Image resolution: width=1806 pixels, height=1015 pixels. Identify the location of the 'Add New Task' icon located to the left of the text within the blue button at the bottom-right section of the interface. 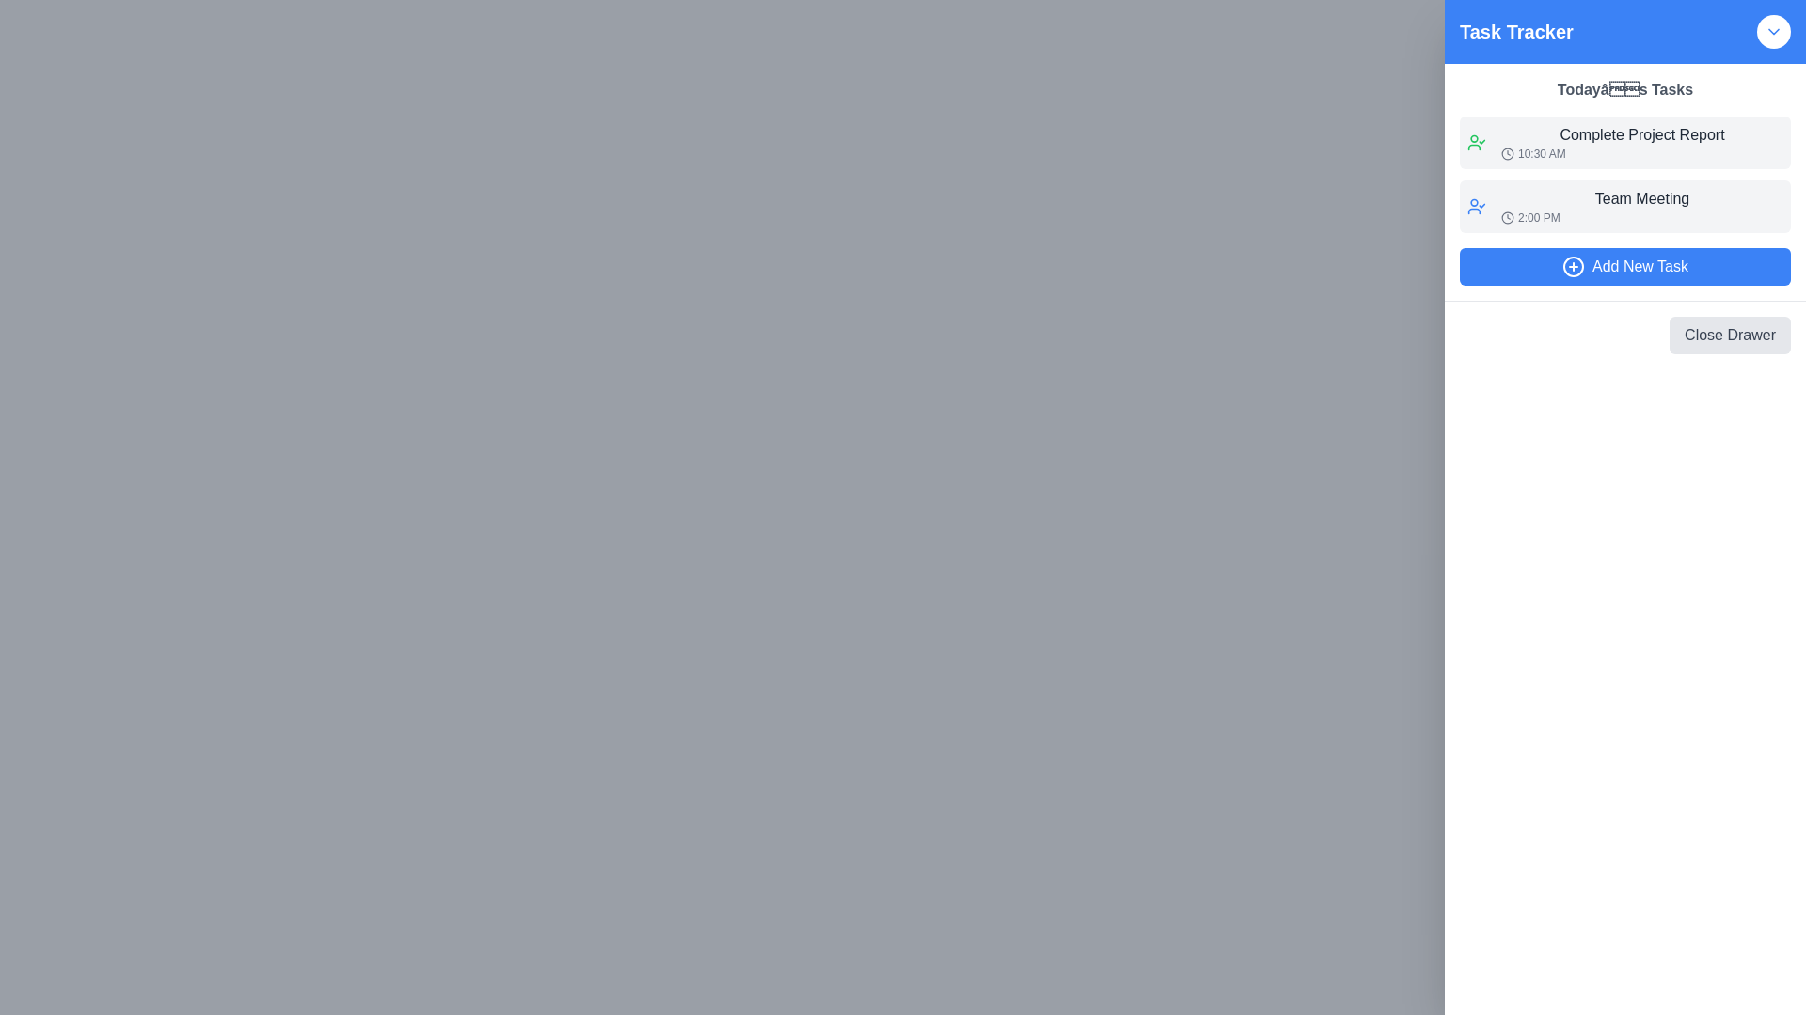
(1574, 267).